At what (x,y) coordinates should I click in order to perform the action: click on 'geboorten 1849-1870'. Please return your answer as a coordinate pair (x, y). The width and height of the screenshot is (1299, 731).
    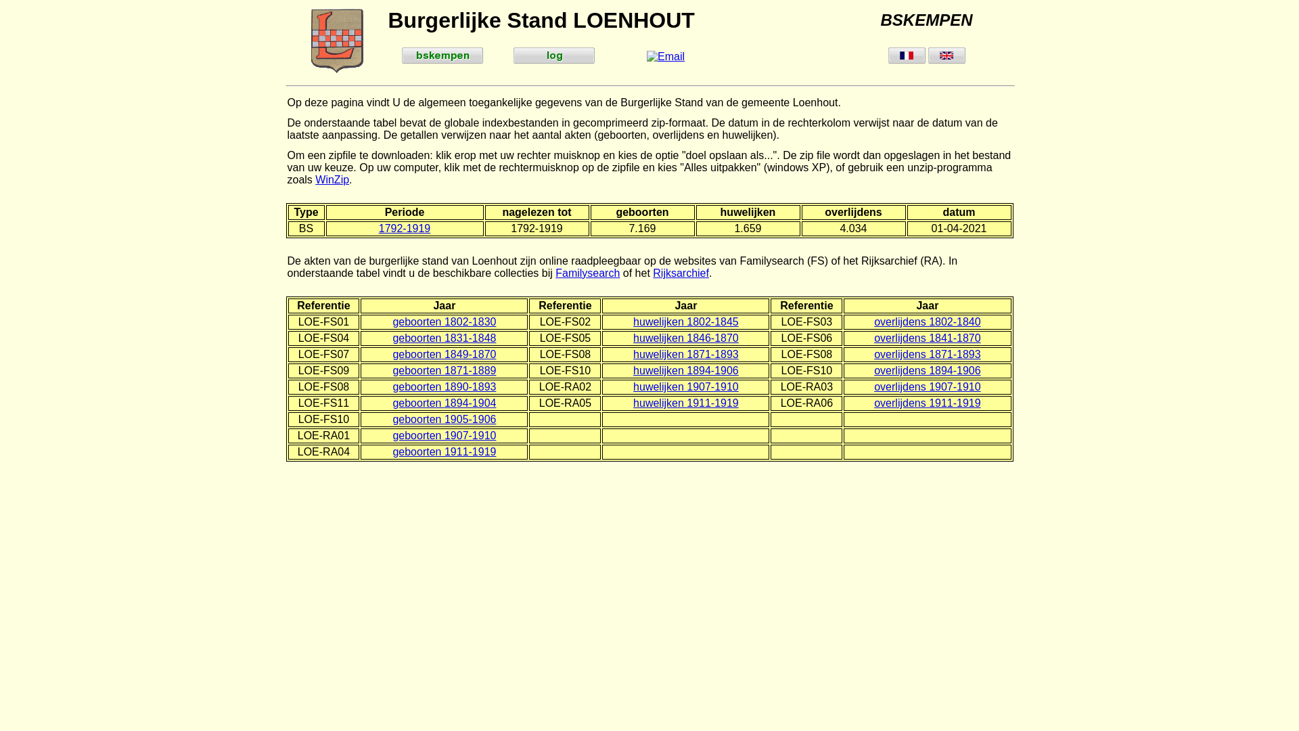
    Looking at the image, I should click on (444, 353).